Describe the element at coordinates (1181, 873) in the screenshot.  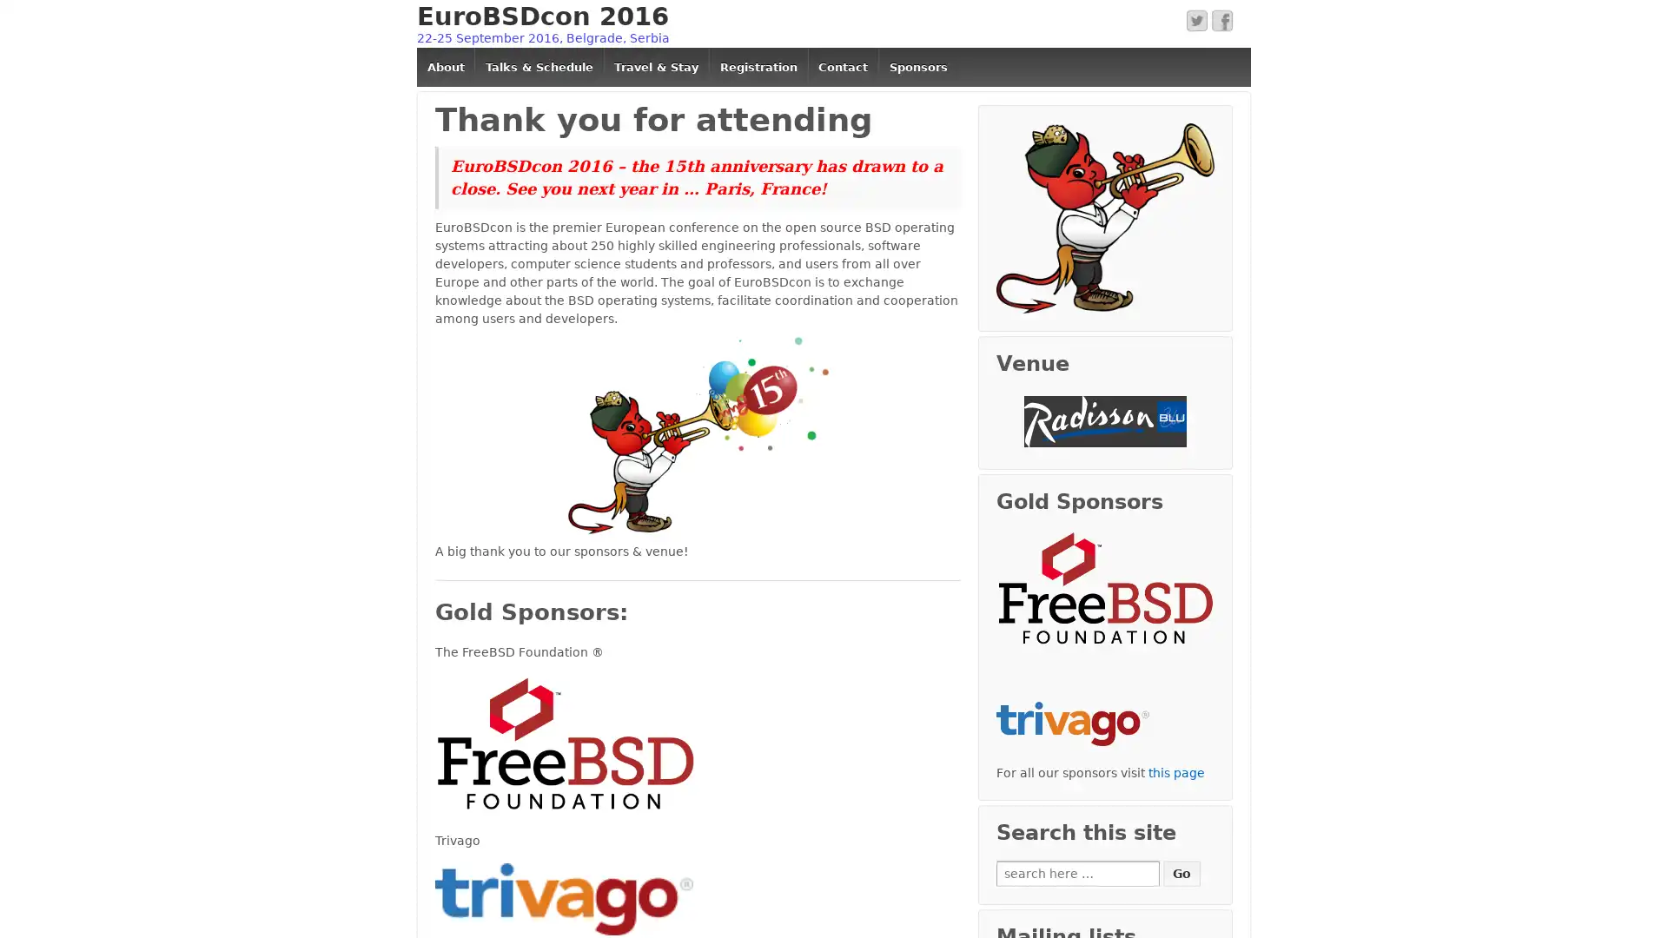
I see `Go` at that location.